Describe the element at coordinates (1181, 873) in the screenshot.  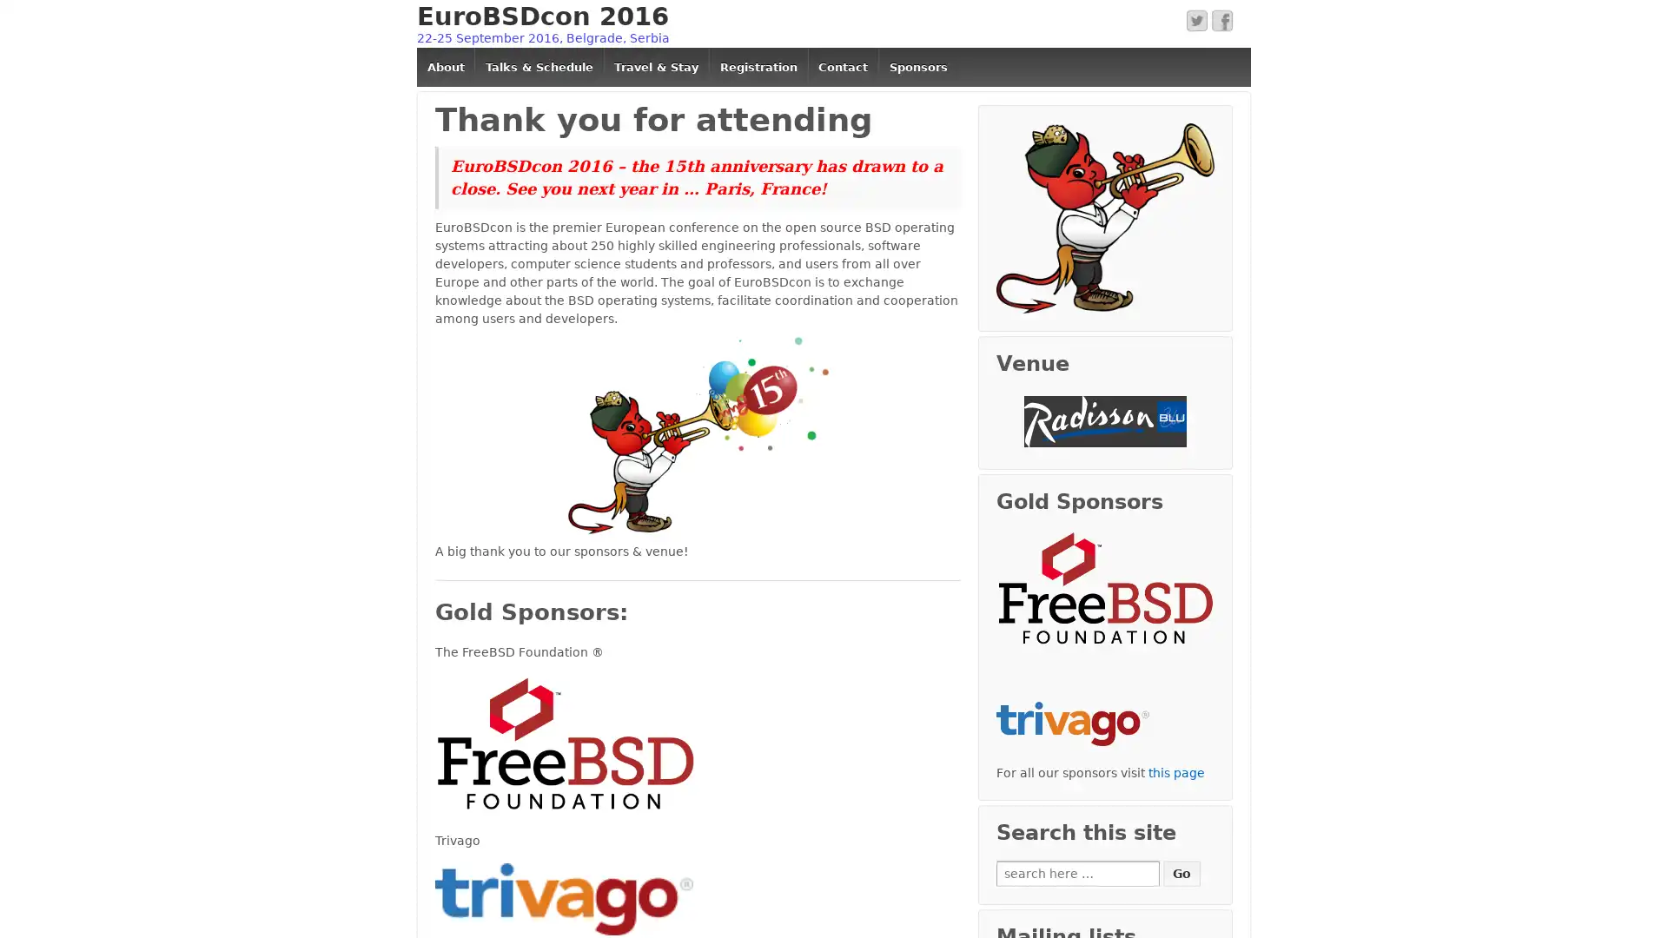
I see `Go` at that location.